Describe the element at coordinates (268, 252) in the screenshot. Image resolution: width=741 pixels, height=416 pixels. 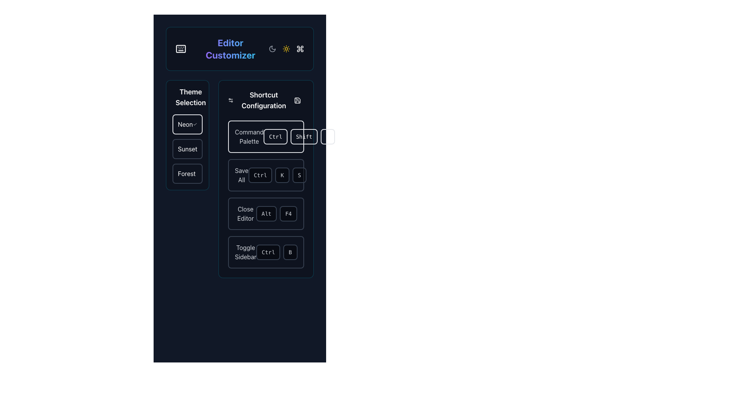
I see `the 'Ctrl' key button-like indicator in the Shortcut Configuration section to prepare for a keyboard shortcut action` at that location.